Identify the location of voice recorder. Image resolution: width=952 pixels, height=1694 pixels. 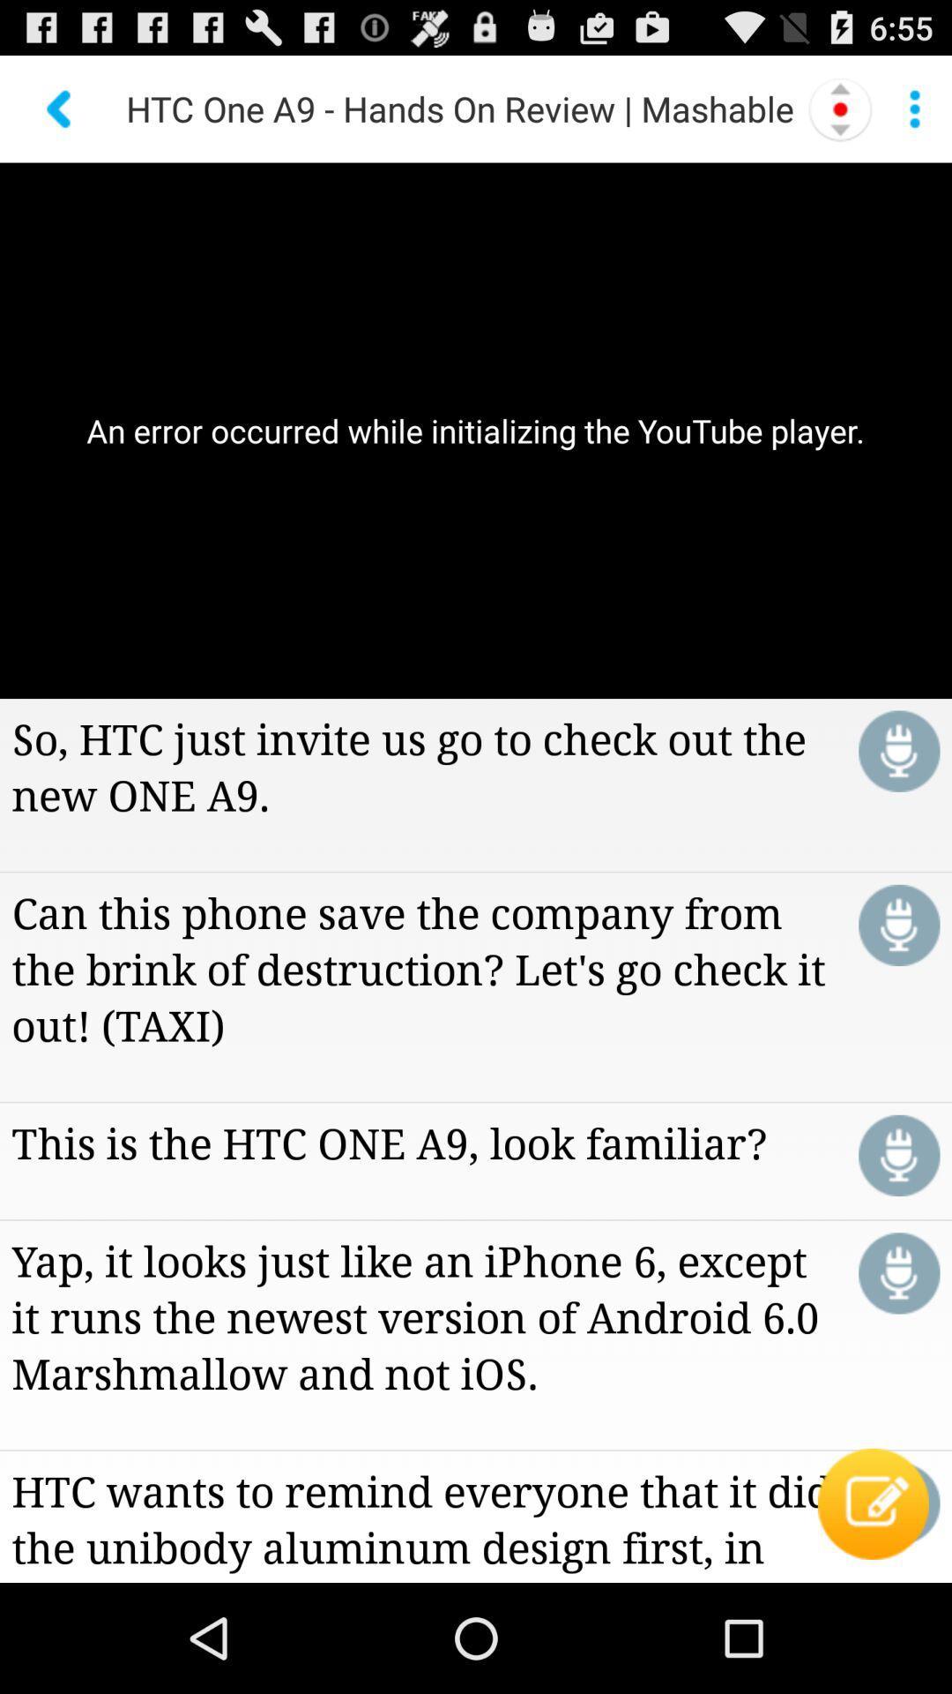
(899, 925).